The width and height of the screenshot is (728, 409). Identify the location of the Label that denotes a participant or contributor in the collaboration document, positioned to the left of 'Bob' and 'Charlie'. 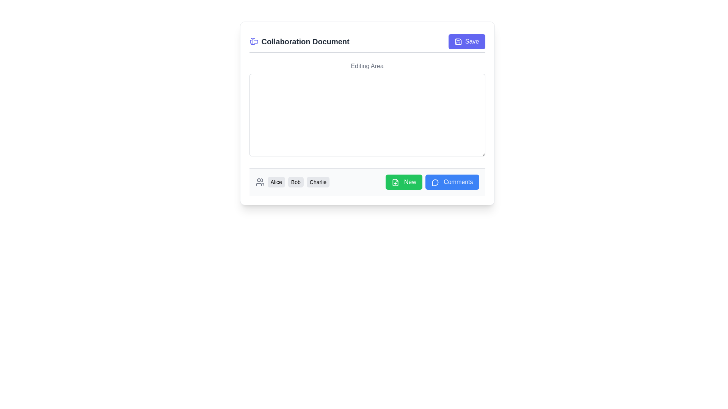
(276, 182).